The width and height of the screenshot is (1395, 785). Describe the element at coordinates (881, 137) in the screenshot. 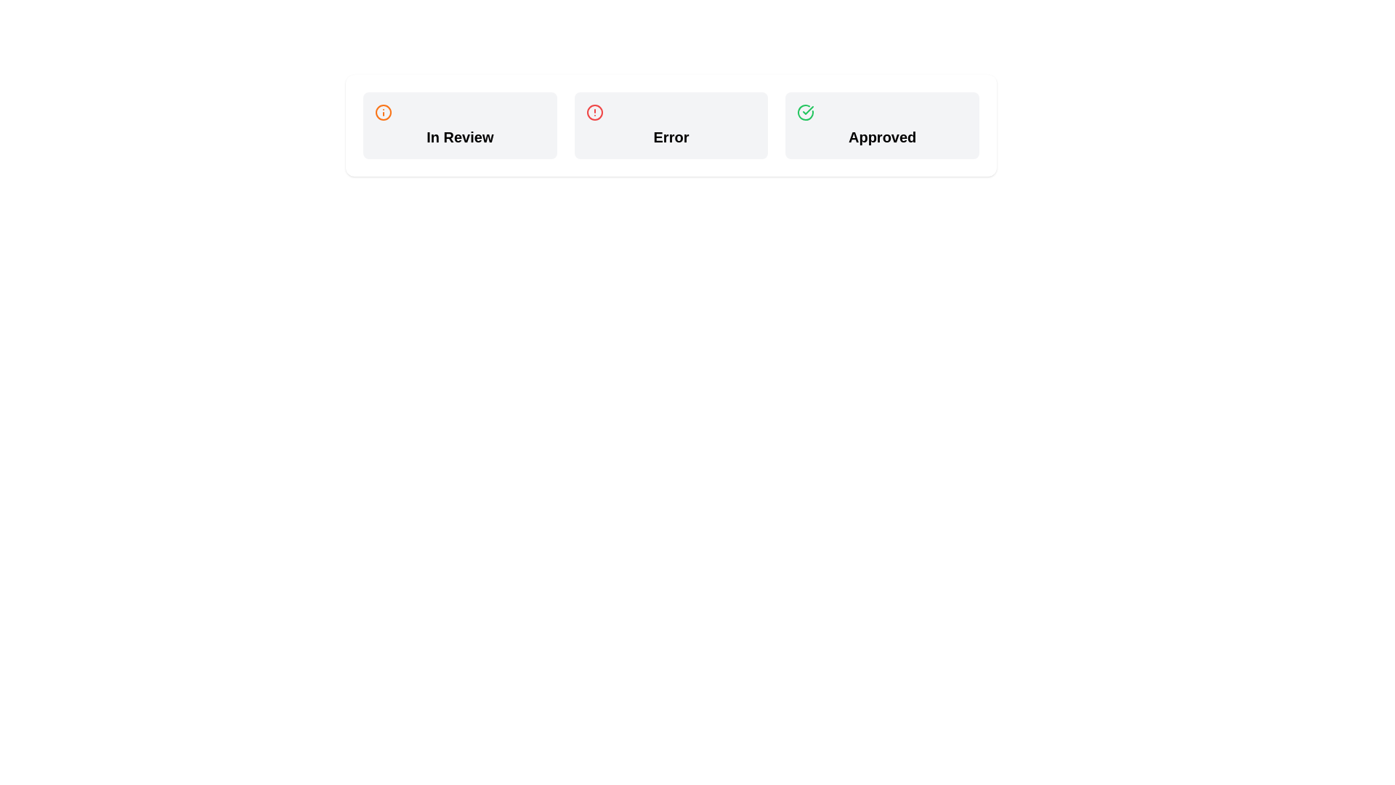

I see `the text label indicating the status of 'Approved', which is the third button in a three-button layout` at that location.